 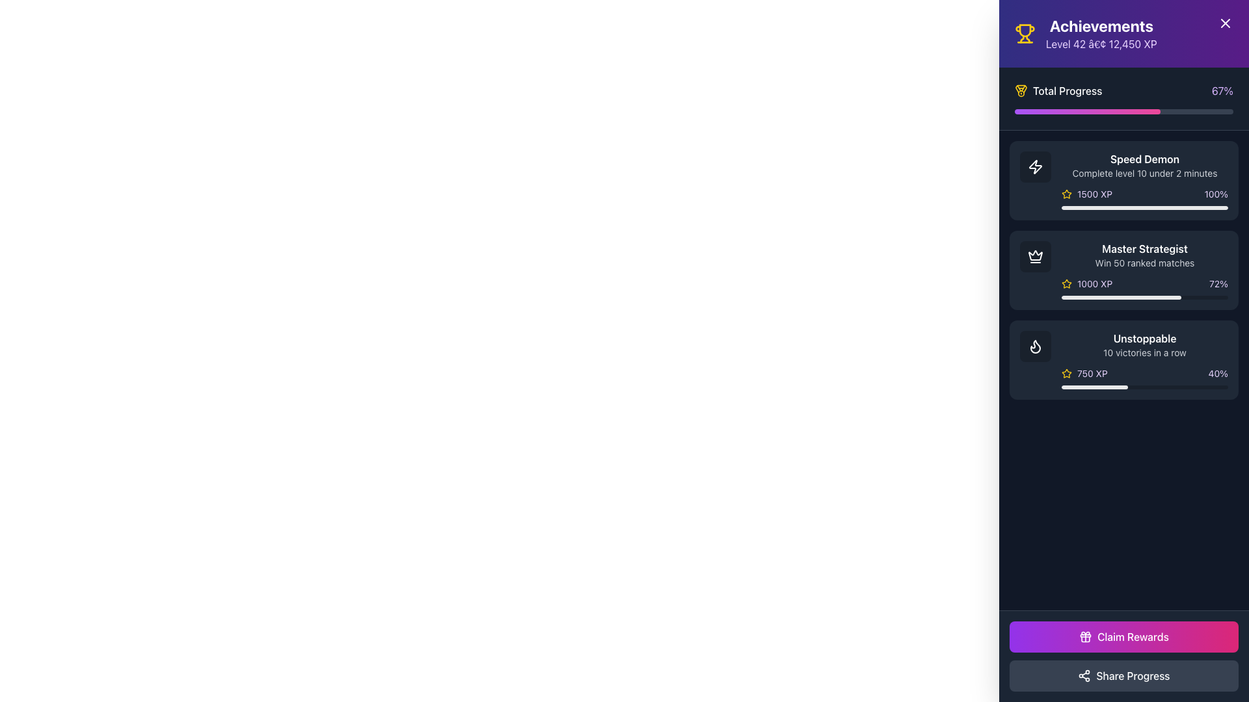 What do you see at coordinates (1123, 32) in the screenshot?
I see `the Header element that has a purple background, a trophy icon on the left, and displays 'Achievements' in bold white font with a secondary line showing 'Level 42 • 12,450 XP'` at bounding box center [1123, 32].